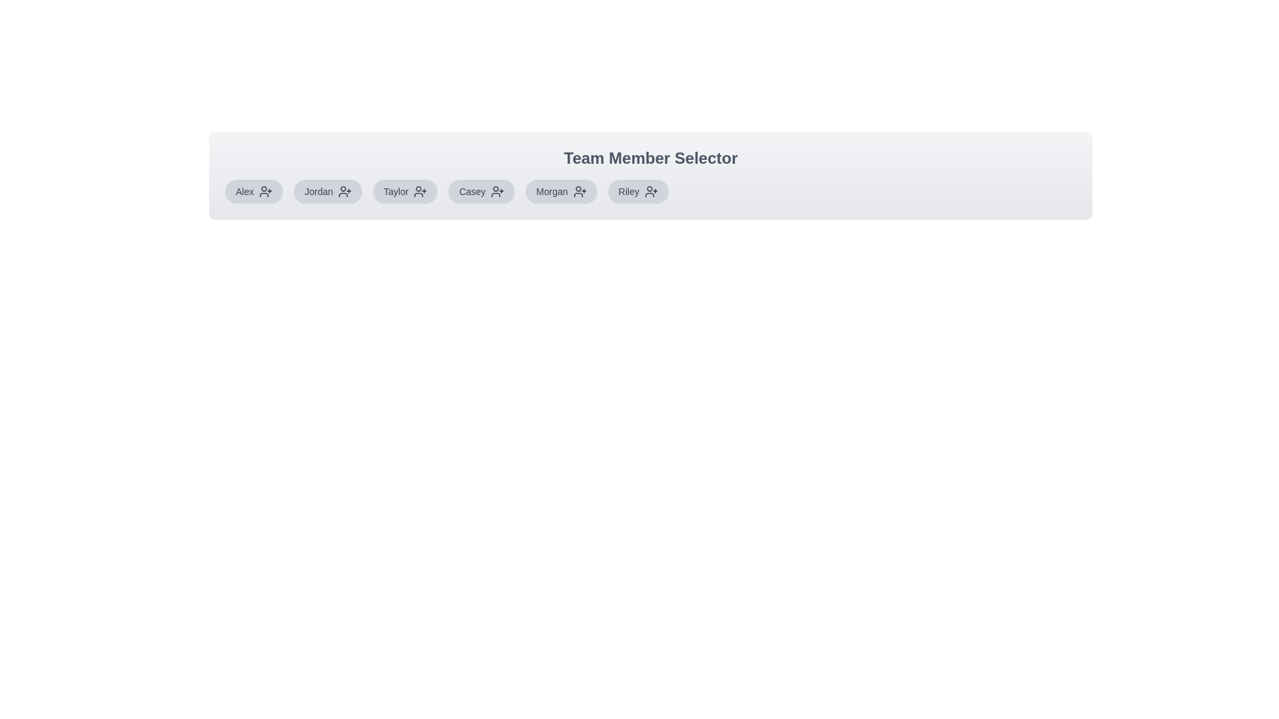 The image size is (1279, 719). Describe the element at coordinates (481, 192) in the screenshot. I see `the team member Casey to observe hover styles` at that location.